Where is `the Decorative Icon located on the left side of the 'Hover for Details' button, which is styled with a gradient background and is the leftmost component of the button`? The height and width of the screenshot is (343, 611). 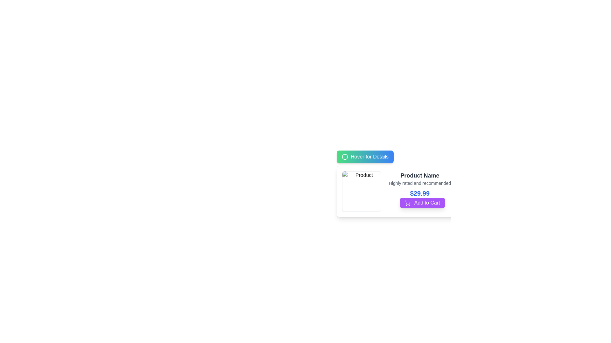
the Decorative Icon located on the left side of the 'Hover for Details' button, which is styled with a gradient background and is the leftmost component of the button is located at coordinates (344, 157).